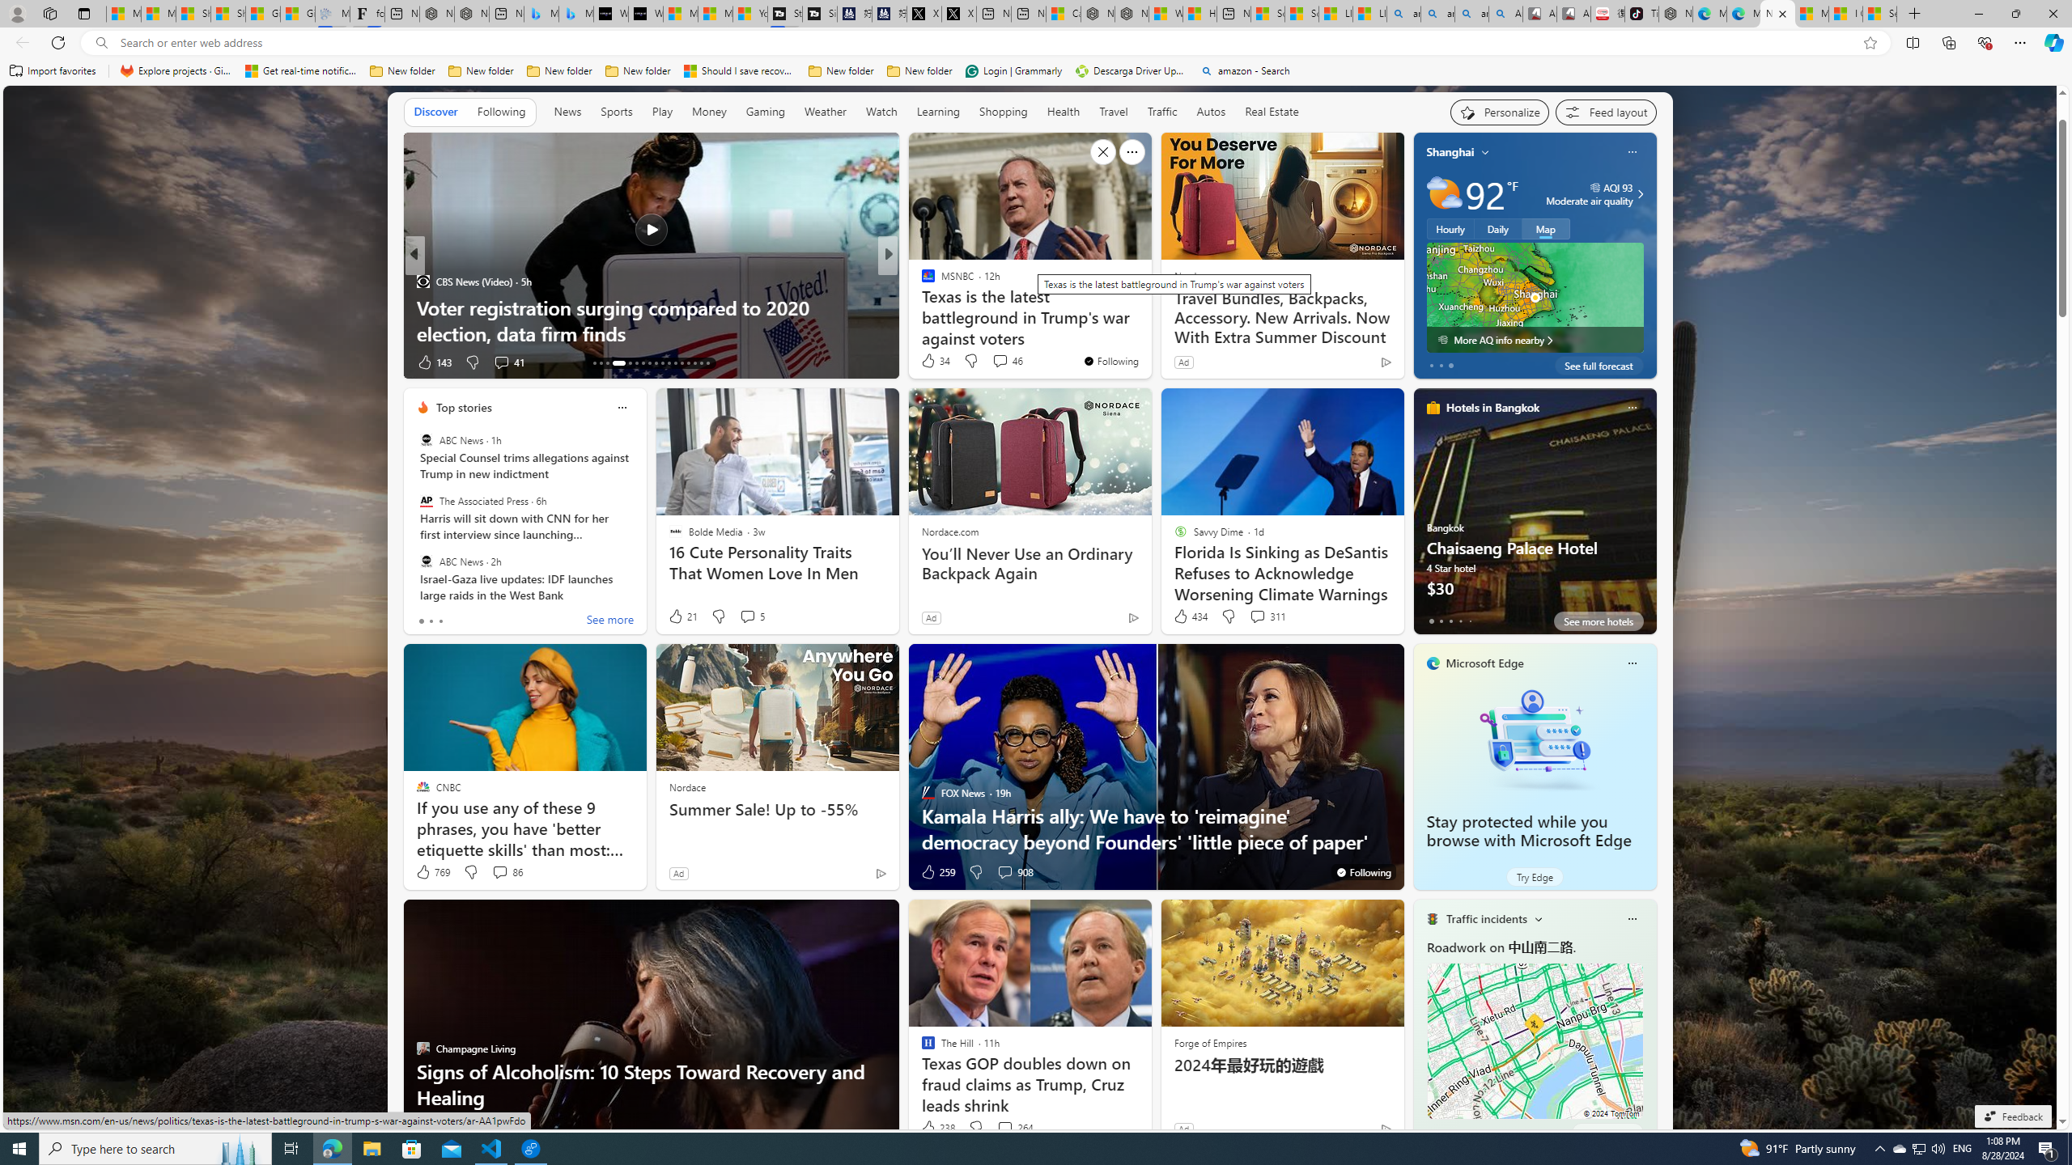 The height and width of the screenshot is (1165, 2072). Describe the element at coordinates (1573, 13) in the screenshot. I see `'All Cubot phones'` at that location.